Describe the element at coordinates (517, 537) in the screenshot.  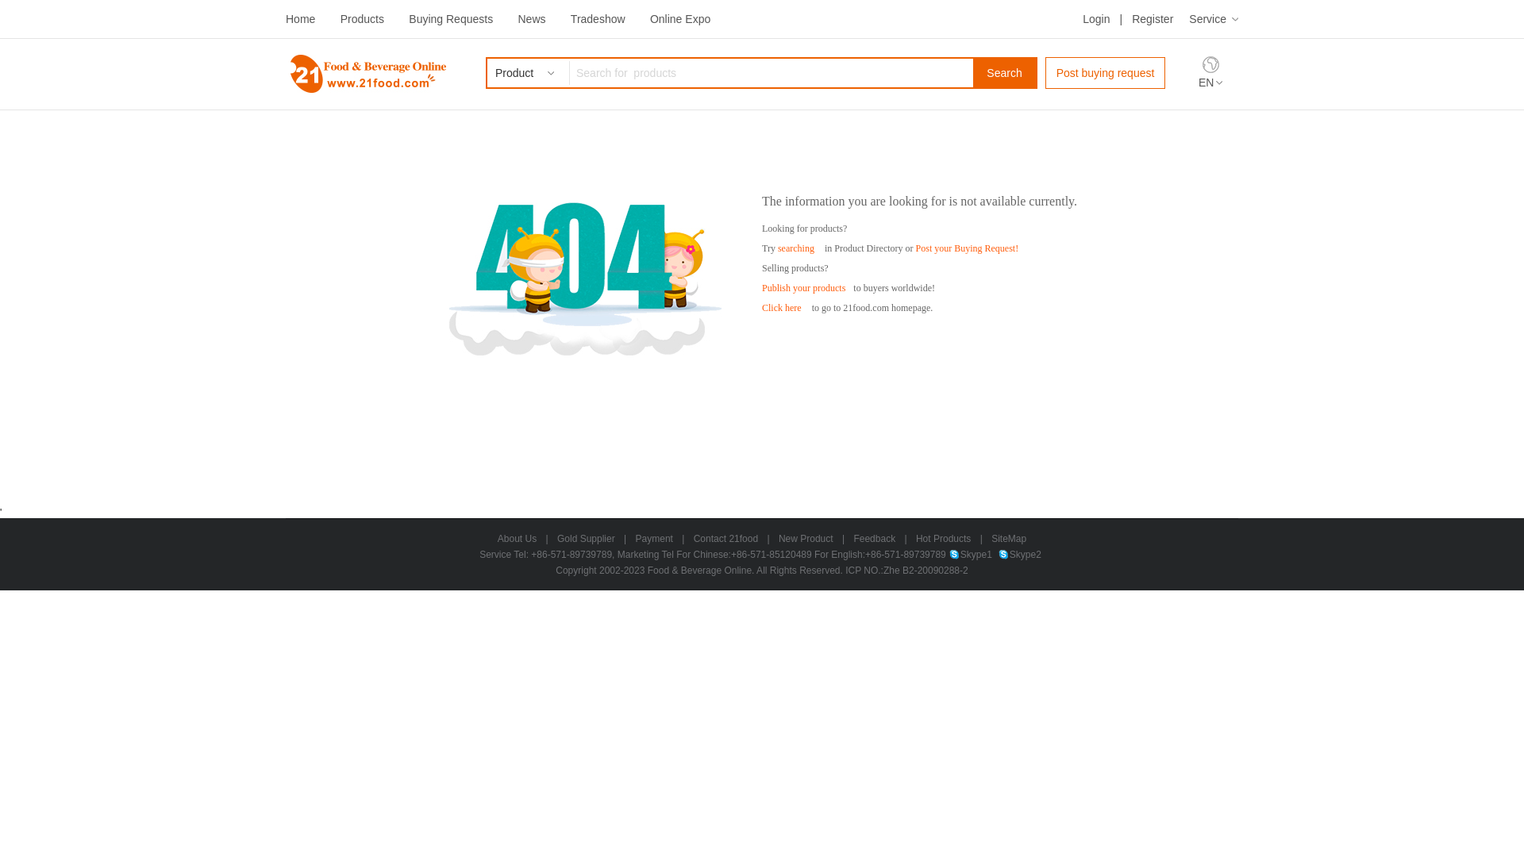
I see `'About Us'` at that location.